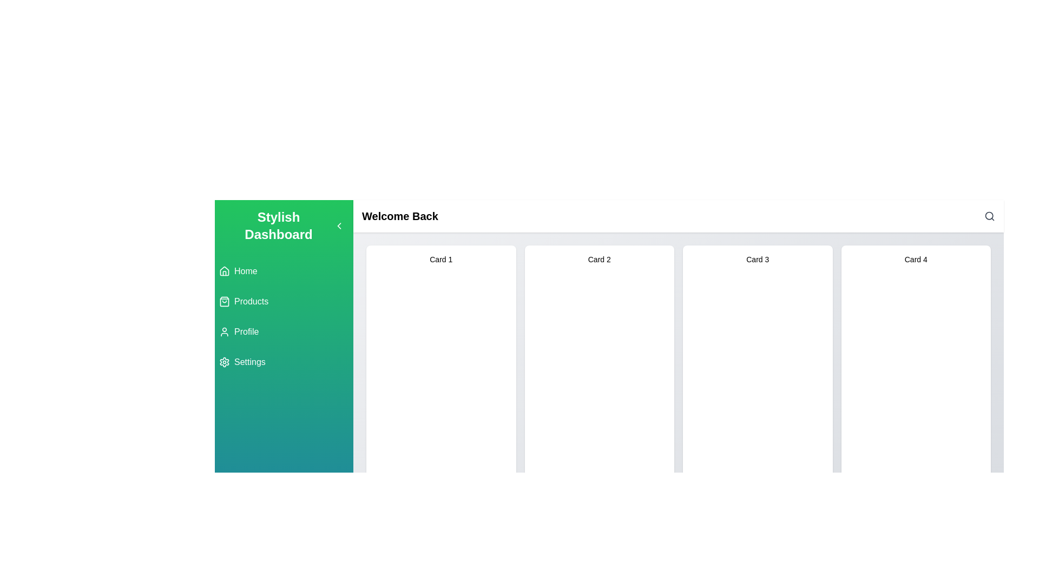 Image resolution: width=1039 pixels, height=584 pixels. I want to click on the text label 'Card 2' located in the upper part of the second card from the left in the horizontal grid of cards, which helps users identify this card, so click(599, 259).